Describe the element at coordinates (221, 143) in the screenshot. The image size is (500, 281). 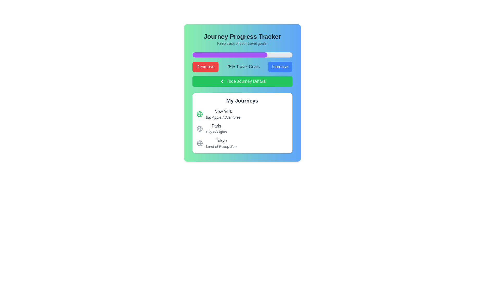
I see `the third item in the 'My Journeys' section, which displays 'Tokyo' as the title and 'Land of Rising Sun' as the description` at that location.